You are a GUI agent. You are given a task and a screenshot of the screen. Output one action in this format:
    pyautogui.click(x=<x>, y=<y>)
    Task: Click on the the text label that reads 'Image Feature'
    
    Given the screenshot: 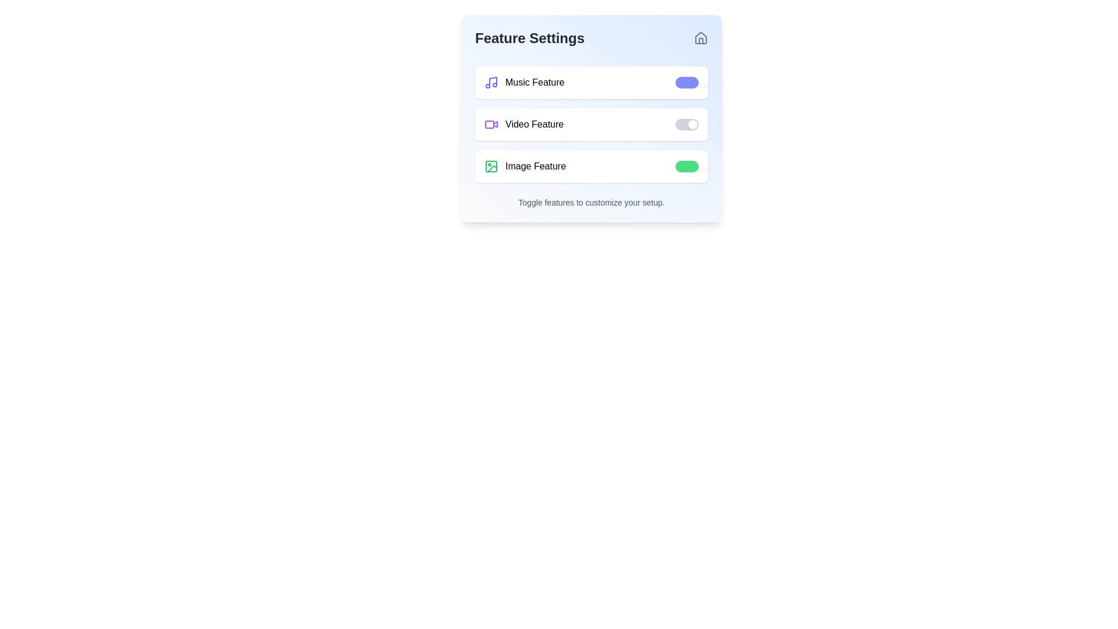 What is the action you would take?
    pyautogui.click(x=535, y=166)
    